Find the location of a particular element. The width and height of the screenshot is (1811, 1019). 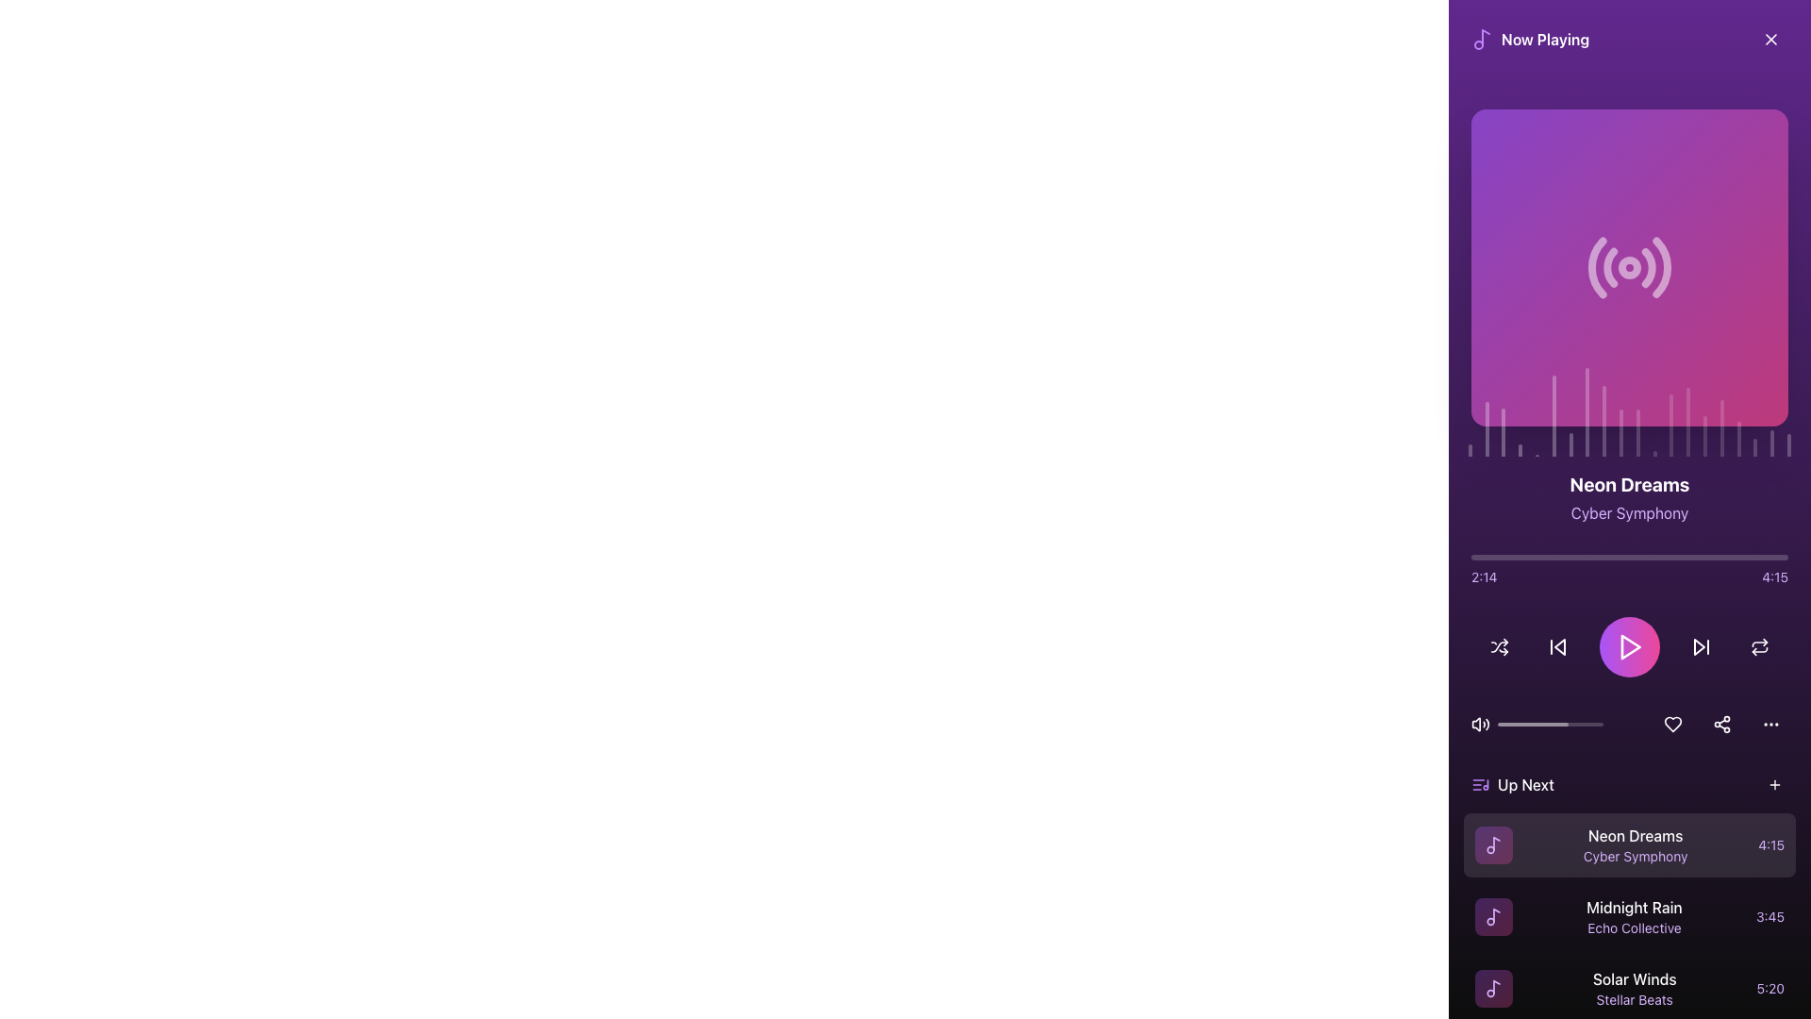

the visual indicator bar, which is the nineteenth bar from the left in the horizontal group positioned at the bottom of the panel is located at coordinates (1771, 443).